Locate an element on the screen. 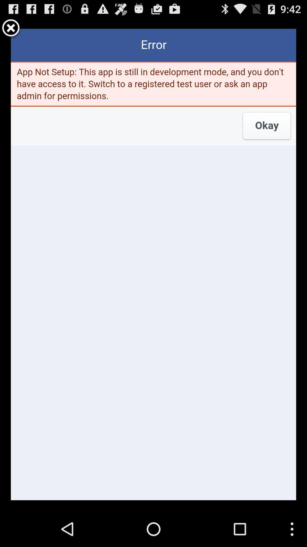 This screenshot has height=547, width=307. error simpol is located at coordinates (11, 28).